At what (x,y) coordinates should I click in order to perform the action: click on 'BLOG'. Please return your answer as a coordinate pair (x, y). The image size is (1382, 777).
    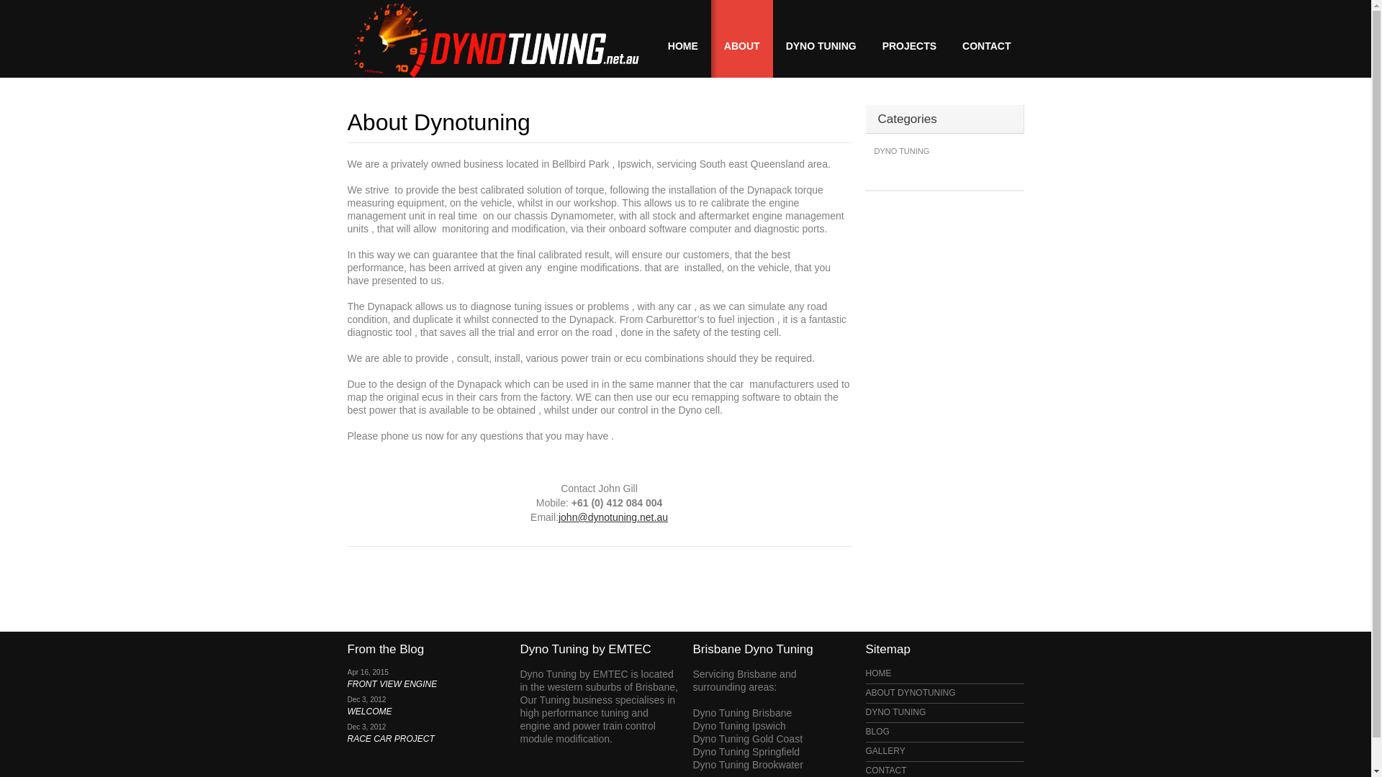
    Looking at the image, I should click on (864, 732).